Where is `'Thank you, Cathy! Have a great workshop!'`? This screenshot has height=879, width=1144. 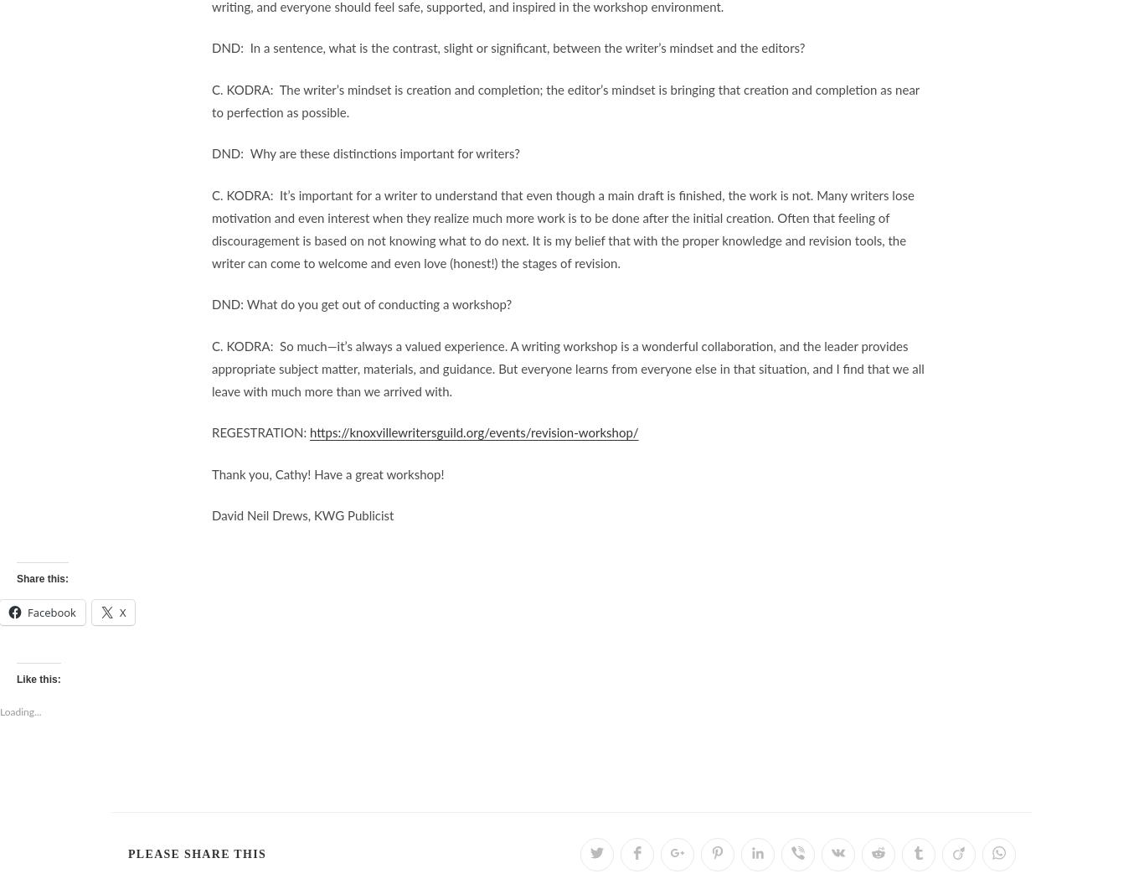
'Thank you, Cathy! Have a great workshop!' is located at coordinates (327, 473).